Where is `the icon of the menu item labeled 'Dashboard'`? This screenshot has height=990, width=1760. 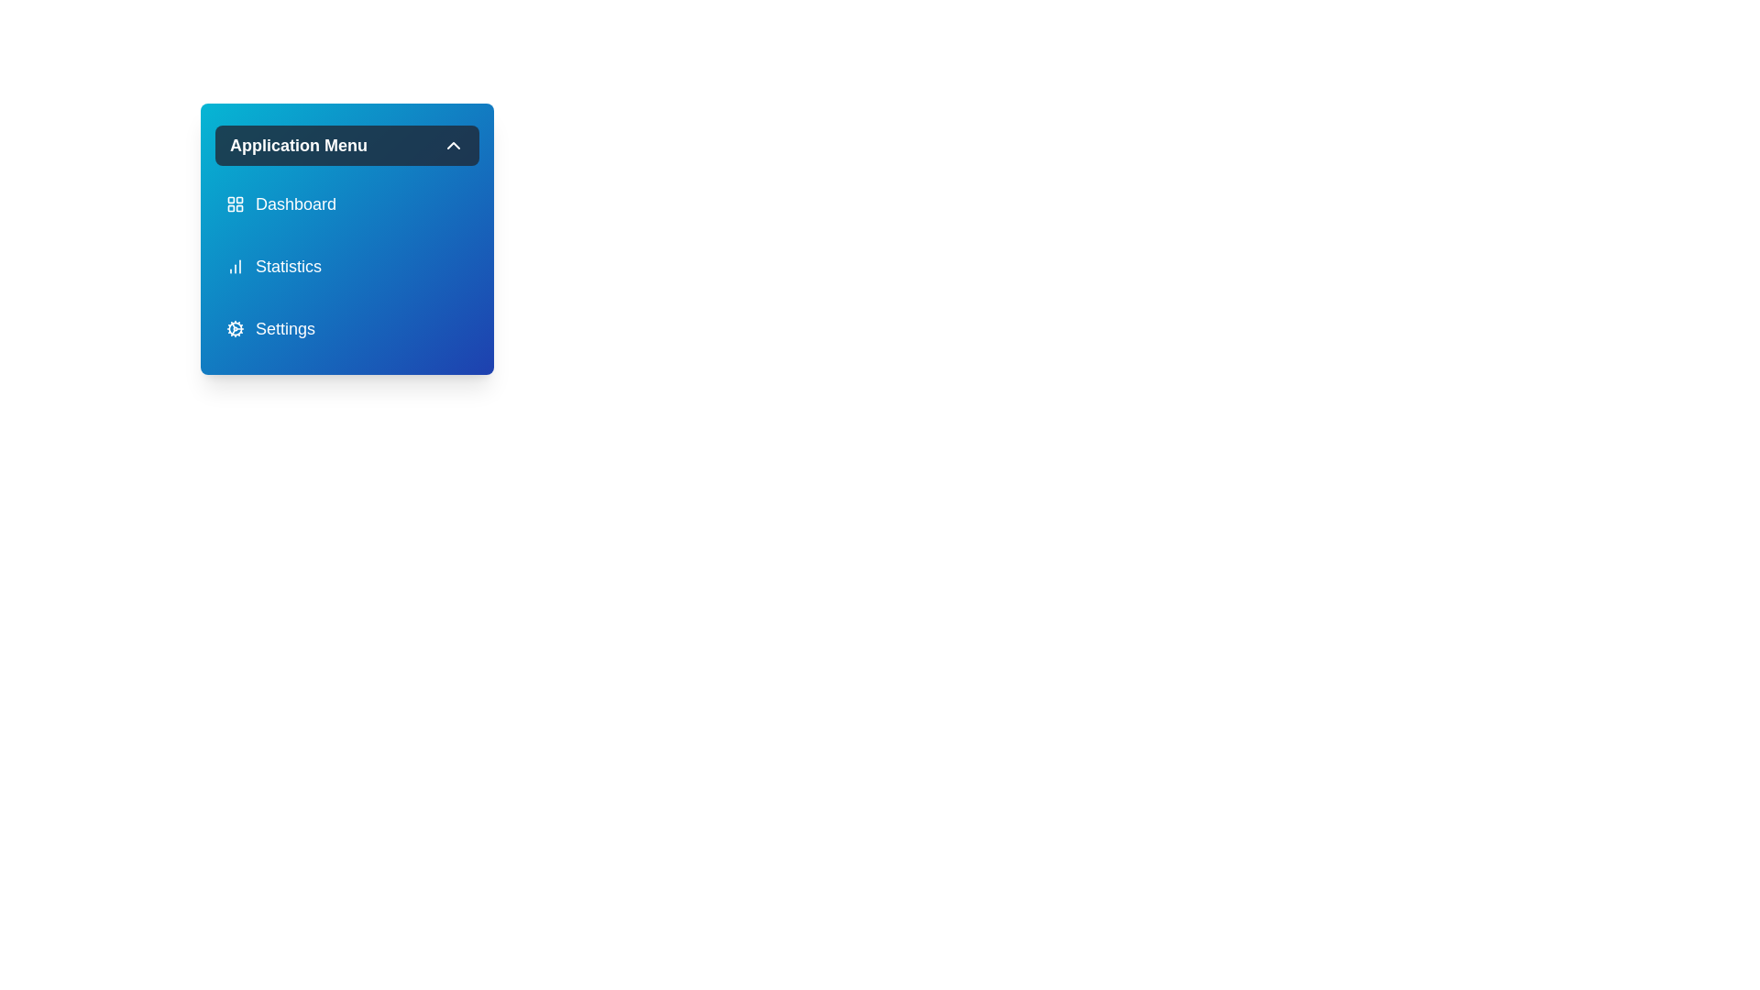
the icon of the menu item labeled 'Dashboard' is located at coordinates (235, 204).